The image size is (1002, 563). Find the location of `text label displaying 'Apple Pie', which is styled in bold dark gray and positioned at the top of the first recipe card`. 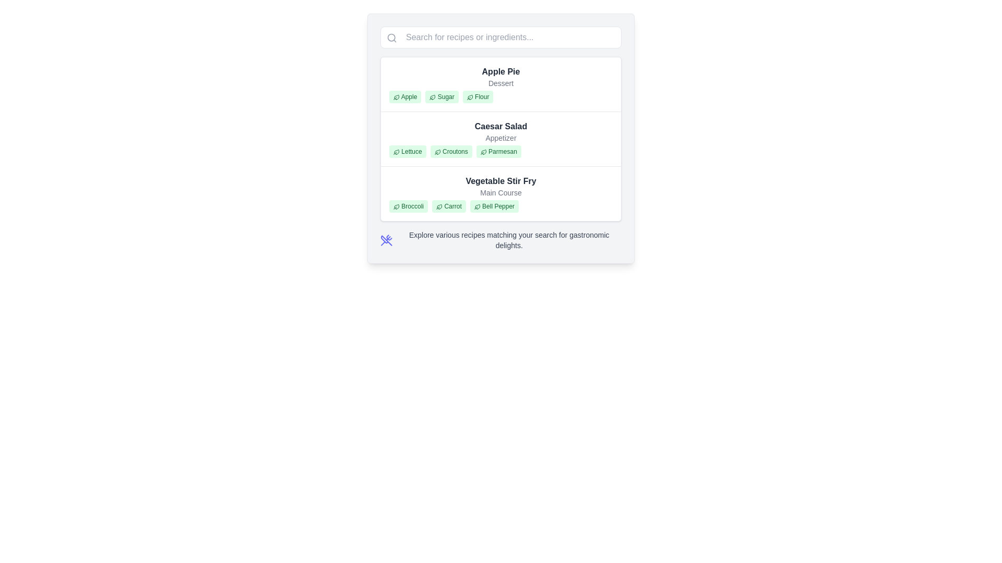

text label displaying 'Apple Pie', which is styled in bold dark gray and positioned at the top of the first recipe card is located at coordinates (501, 71).